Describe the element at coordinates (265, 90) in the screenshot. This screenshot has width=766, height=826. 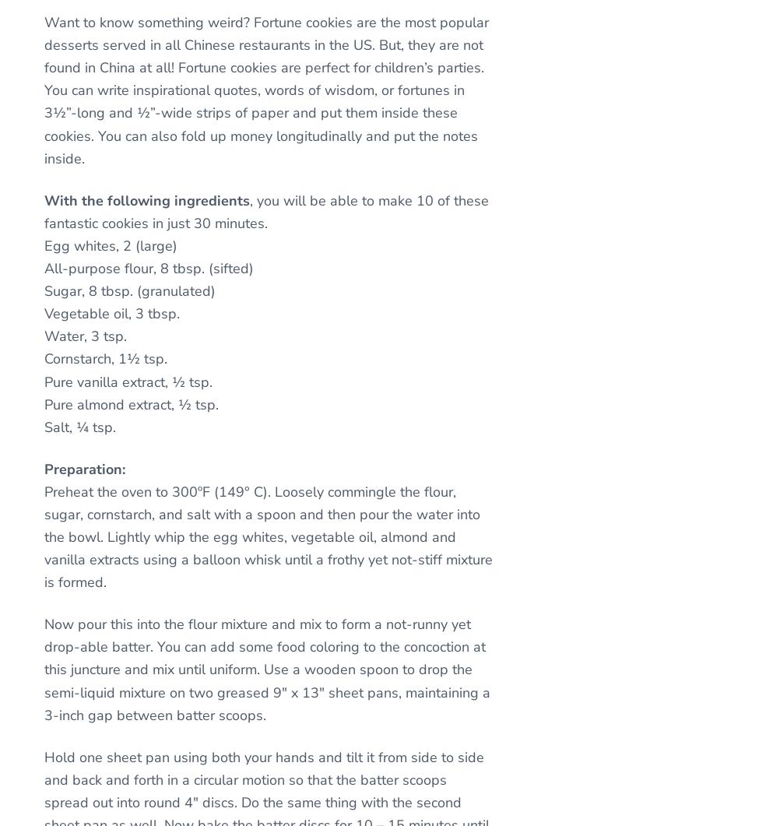
I see `'Want to know something weird? Fortune cookies are the most popular desserts served in all Chinese restaurants in the US. But, they are not found in China at all! Fortune cookies are perfect for children’s parties. You can write inspirational quotes, words of wisdom, or fortunes in 3½”-long and ½”-wide strips of paper and put them inside these cookies. You can also fold up money longitudinally and put the notes inside.'` at that location.